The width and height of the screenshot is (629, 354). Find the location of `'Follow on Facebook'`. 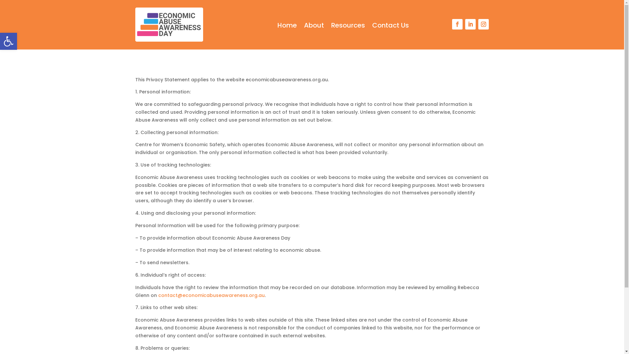

'Follow on Facebook' is located at coordinates (457, 24).